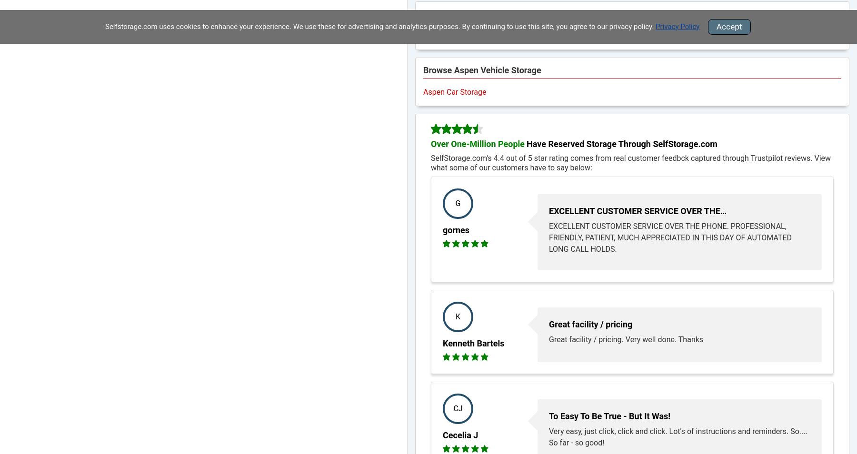 The width and height of the screenshot is (857, 454). Describe the element at coordinates (669, 237) in the screenshot. I see `'EXCELLENT CUSTOMER SERVICE OVER THE PHONE.  PROFESSIONAL, FRIENDLY, PATIENT, MUCH APPRECIATED IN THIS DAY OF AUTOMATED LONG CALL HOLDS.'` at that location.